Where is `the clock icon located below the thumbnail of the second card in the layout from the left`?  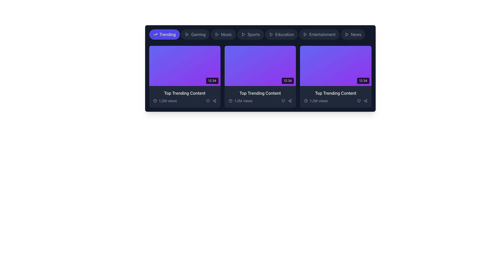 the clock icon located below the thumbnail of the second card in the layout from the left is located at coordinates (230, 101).